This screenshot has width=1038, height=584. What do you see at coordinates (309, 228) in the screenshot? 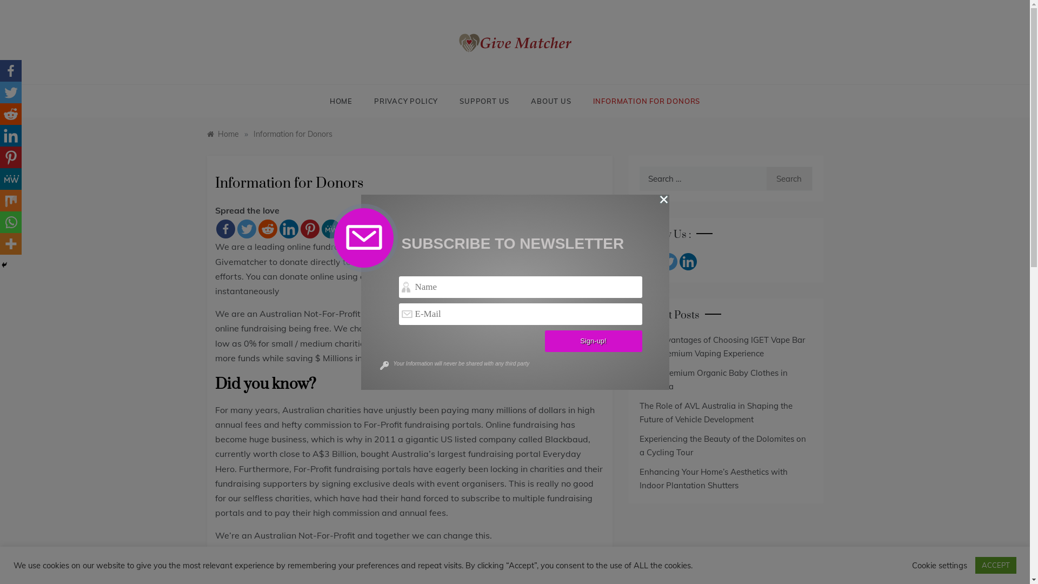
I see `'Pinterest'` at bounding box center [309, 228].